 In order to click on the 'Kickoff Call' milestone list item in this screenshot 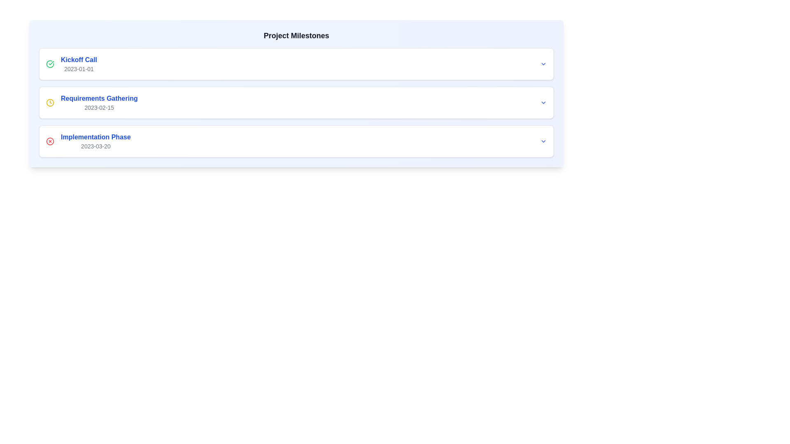, I will do `click(71, 63)`.